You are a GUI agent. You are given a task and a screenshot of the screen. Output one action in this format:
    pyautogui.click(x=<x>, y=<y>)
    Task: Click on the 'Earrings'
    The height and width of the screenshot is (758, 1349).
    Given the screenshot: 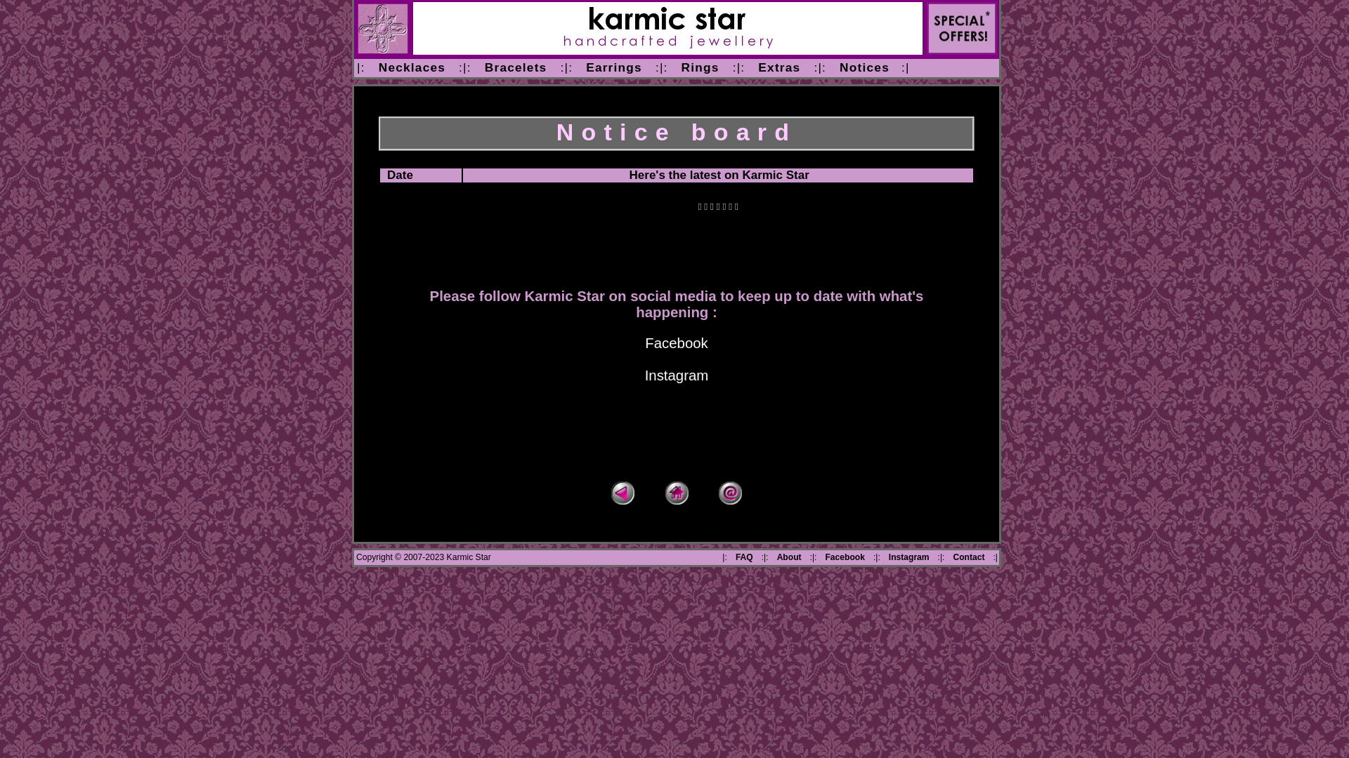 What is the action you would take?
    pyautogui.click(x=613, y=67)
    